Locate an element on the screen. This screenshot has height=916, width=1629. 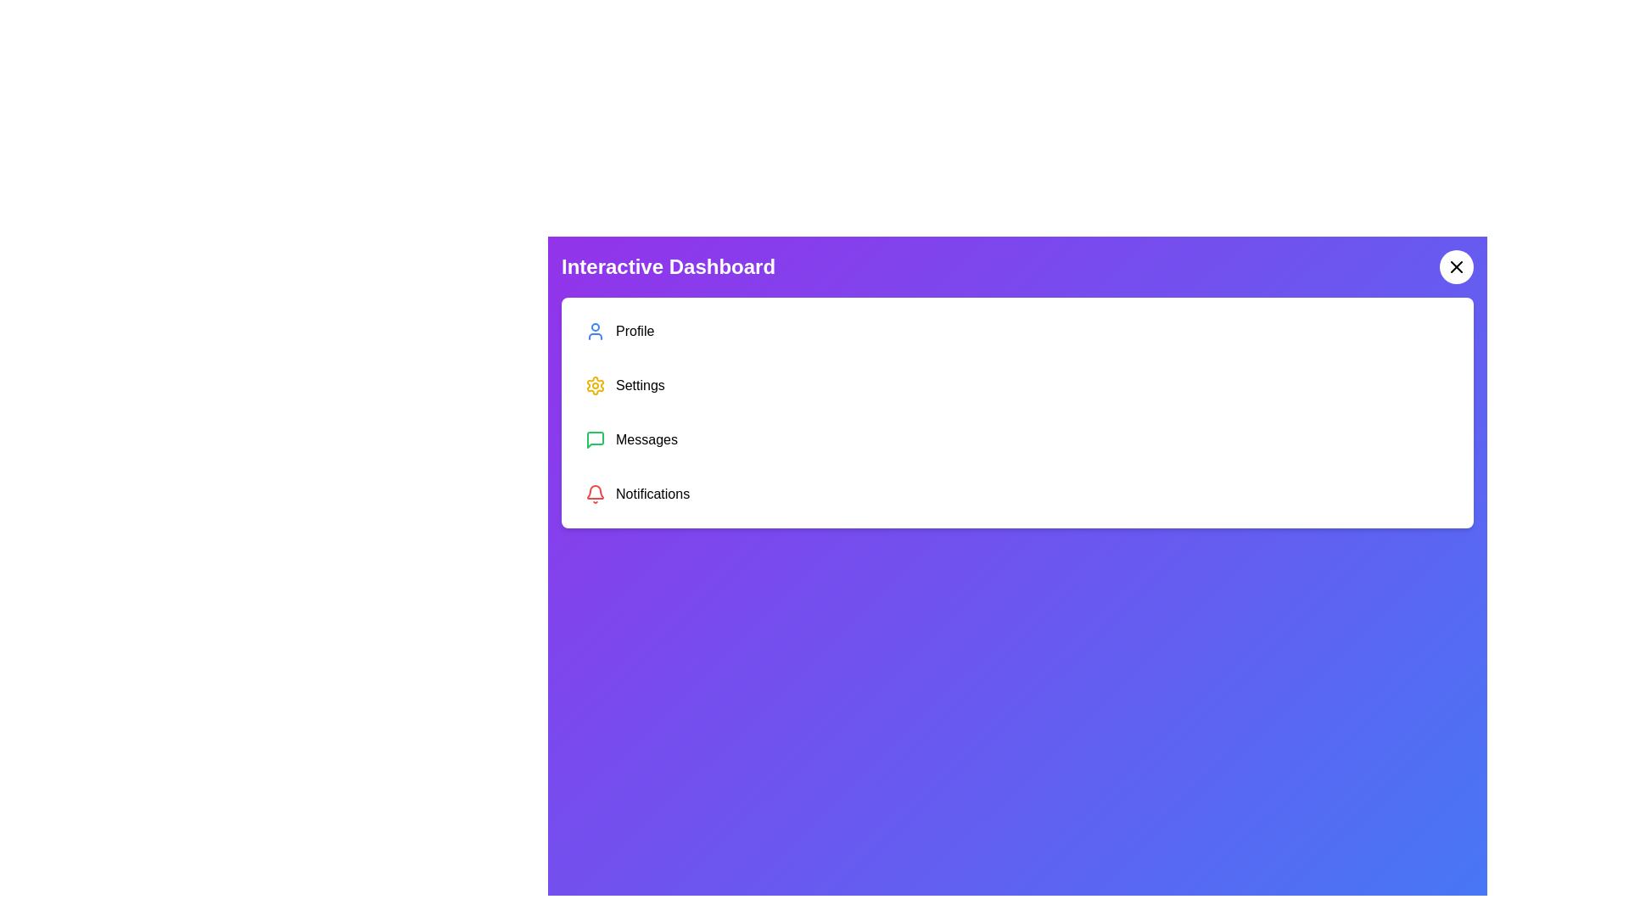
the notification icon located in the last row of the menu under the 'Notifications' label to interact with it is located at coordinates (595, 494).